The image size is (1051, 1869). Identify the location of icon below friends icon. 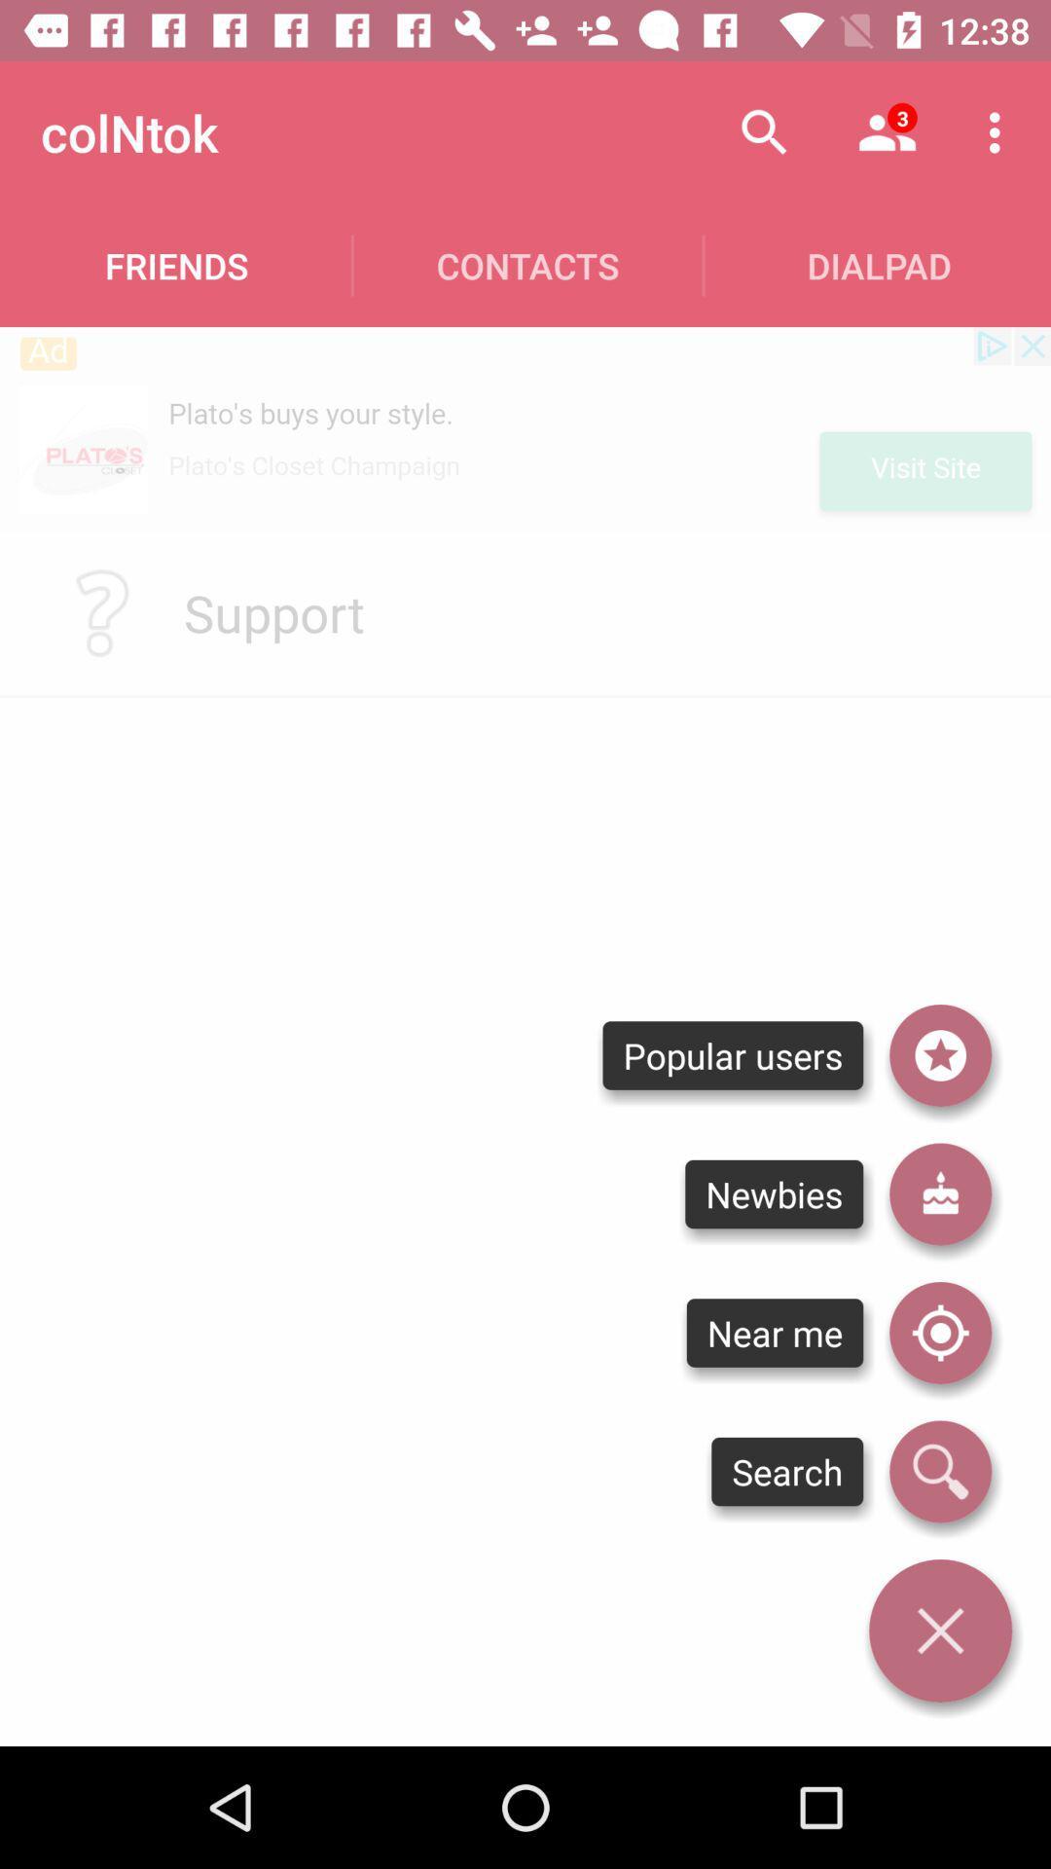
(525, 428).